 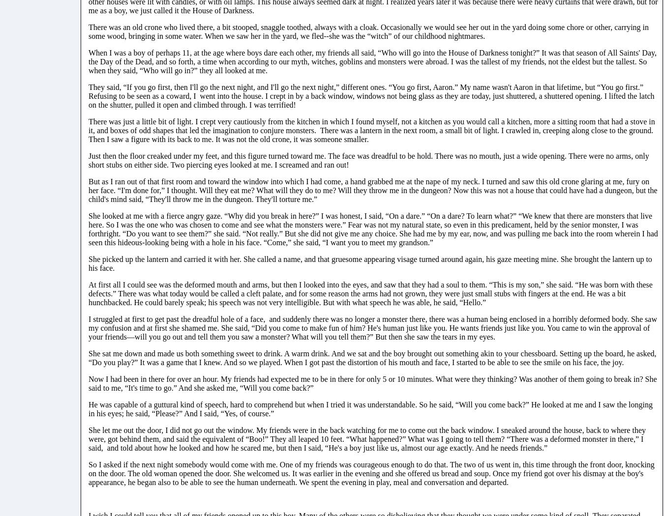 What do you see at coordinates (372, 383) in the screenshot?
I see `'Now I had been in there for over an hour. My friends had expected me to be in there for only 5 or 10 minutes. What were they thinking? Was another of them going to break in? She said to me, “It's time to go.” And she asked me, “Will you come back?”'` at bounding box center [372, 383].